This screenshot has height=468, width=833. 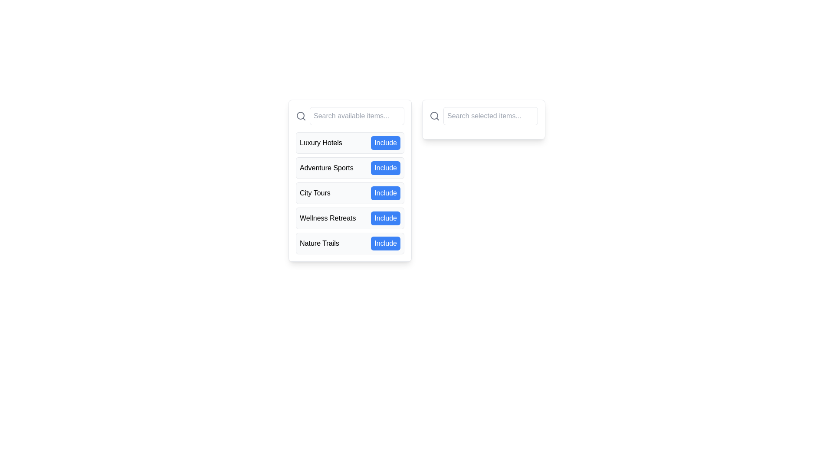 I want to click on the label that describes an option in the selectable list, which is located in the topmost row and to the left of the blue 'Include' button, so click(x=320, y=143).